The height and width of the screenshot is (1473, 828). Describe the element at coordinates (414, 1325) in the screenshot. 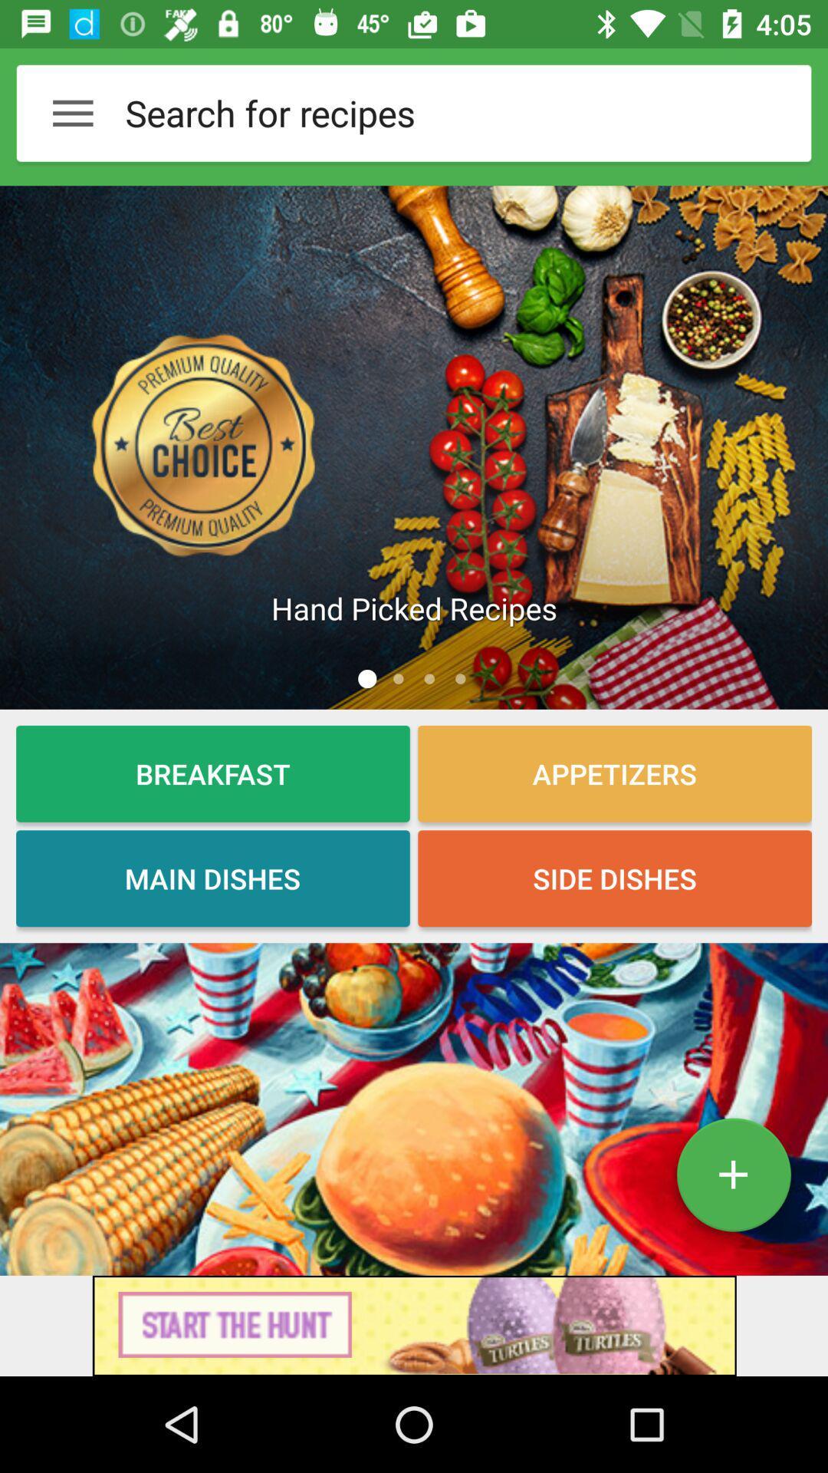

I see `choose advertisement` at that location.